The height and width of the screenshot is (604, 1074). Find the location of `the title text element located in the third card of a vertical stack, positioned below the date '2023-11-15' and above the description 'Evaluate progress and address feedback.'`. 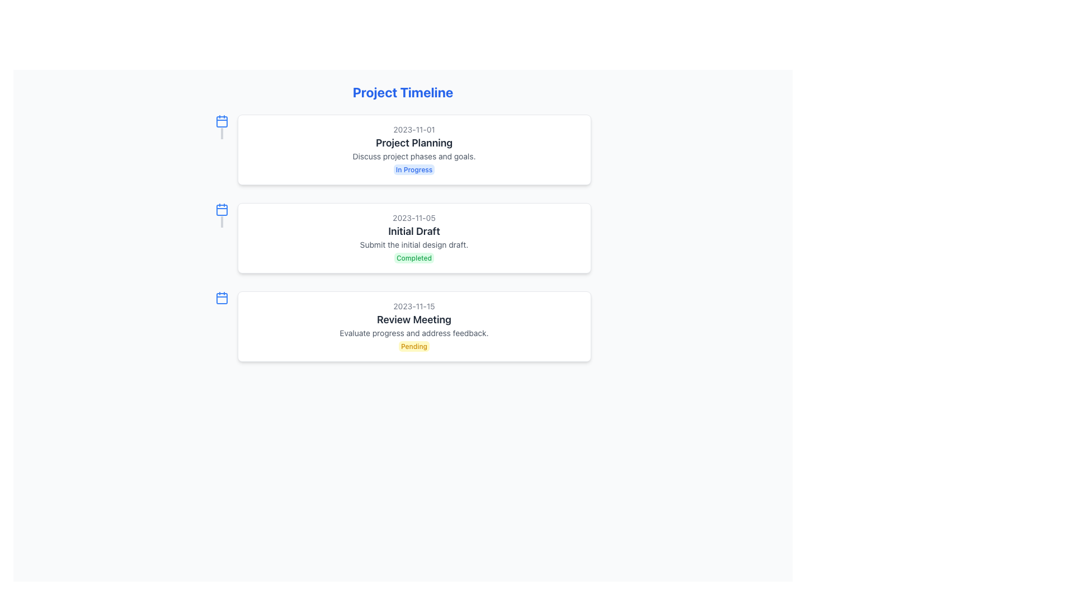

the title text element located in the third card of a vertical stack, positioned below the date '2023-11-15' and above the description 'Evaluate progress and address feedback.' is located at coordinates (413, 319).